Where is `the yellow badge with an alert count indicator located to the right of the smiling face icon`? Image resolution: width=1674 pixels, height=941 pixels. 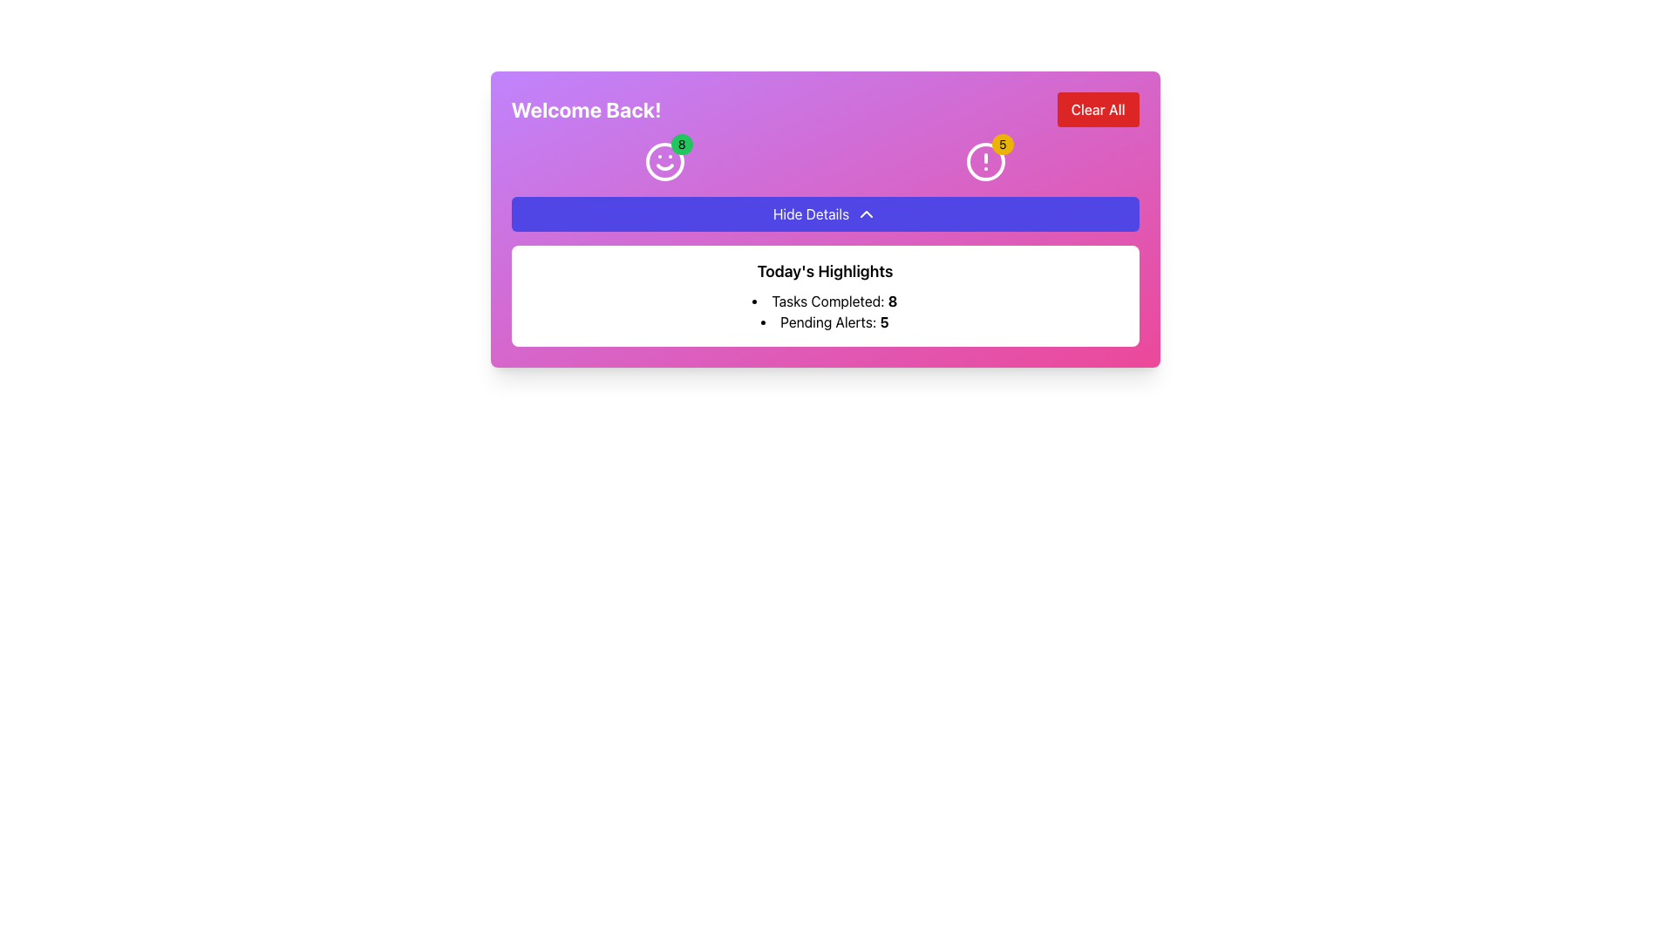 the yellow badge with an alert count indicator located to the right of the smiling face icon is located at coordinates (985, 161).